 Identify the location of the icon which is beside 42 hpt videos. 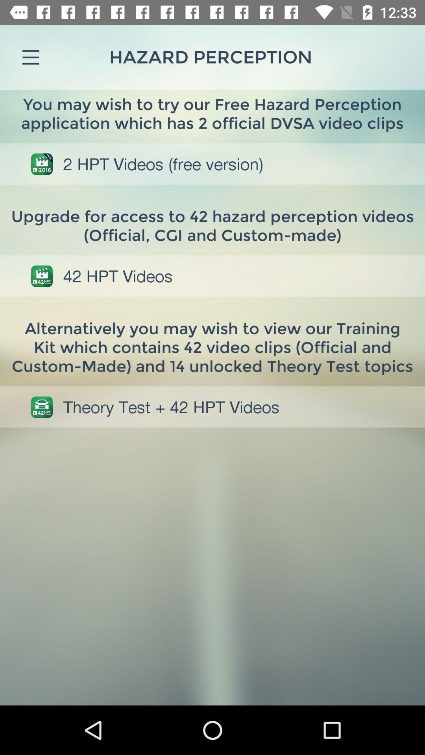
(42, 276).